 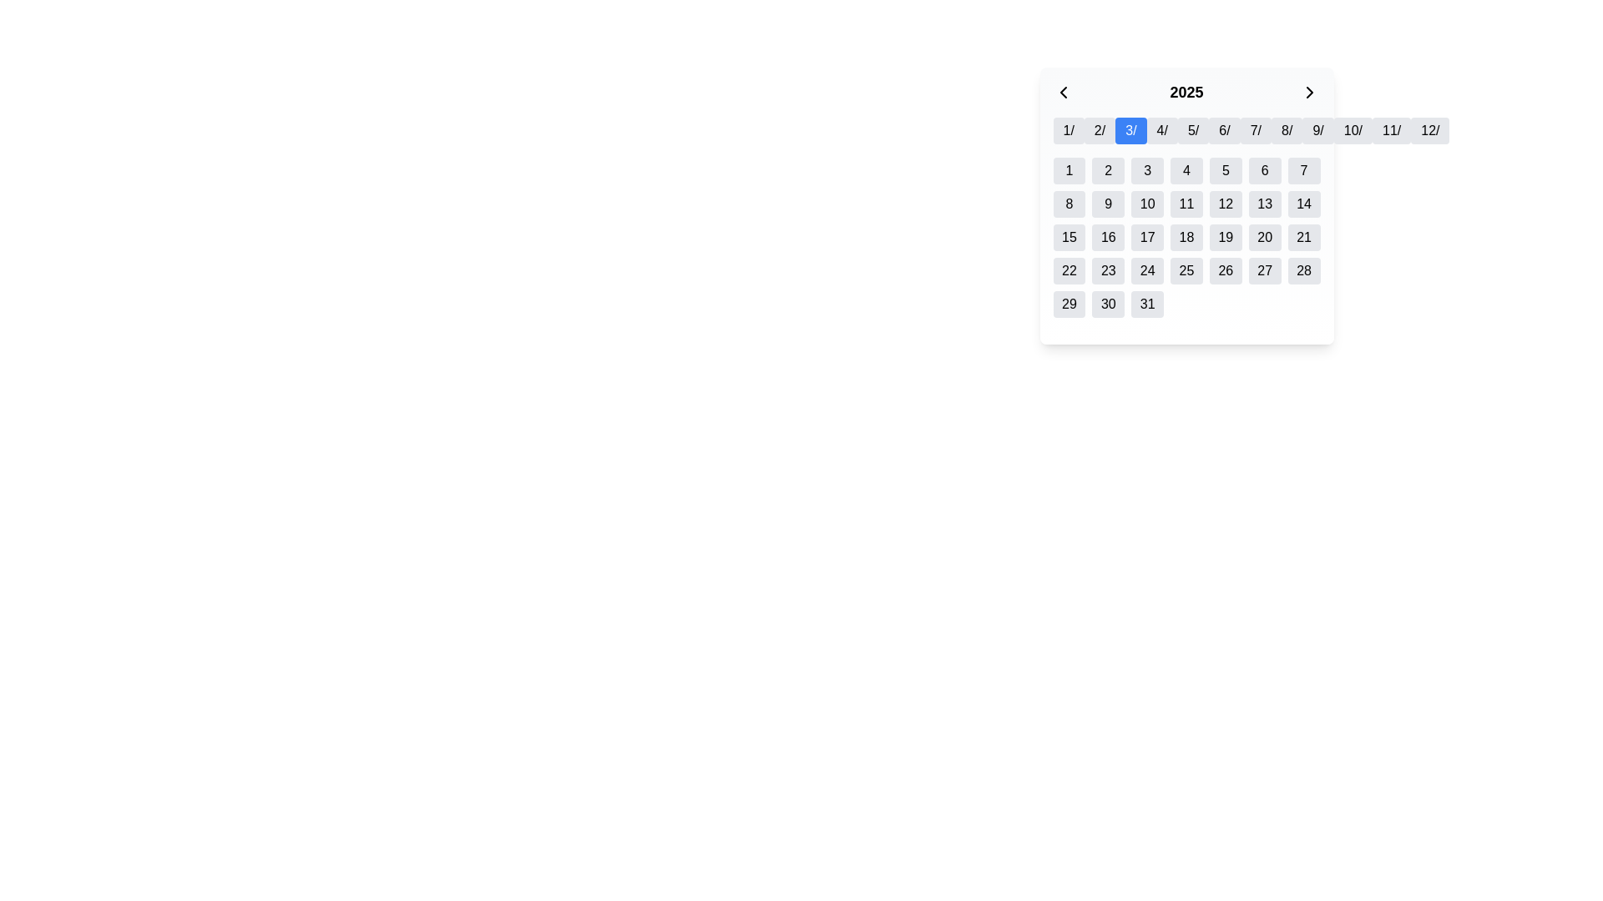 What do you see at coordinates (1108, 269) in the screenshot?
I see `the rounded rectangular button labeled '23' in the calendar grid by pressing with keyboard navigation` at bounding box center [1108, 269].